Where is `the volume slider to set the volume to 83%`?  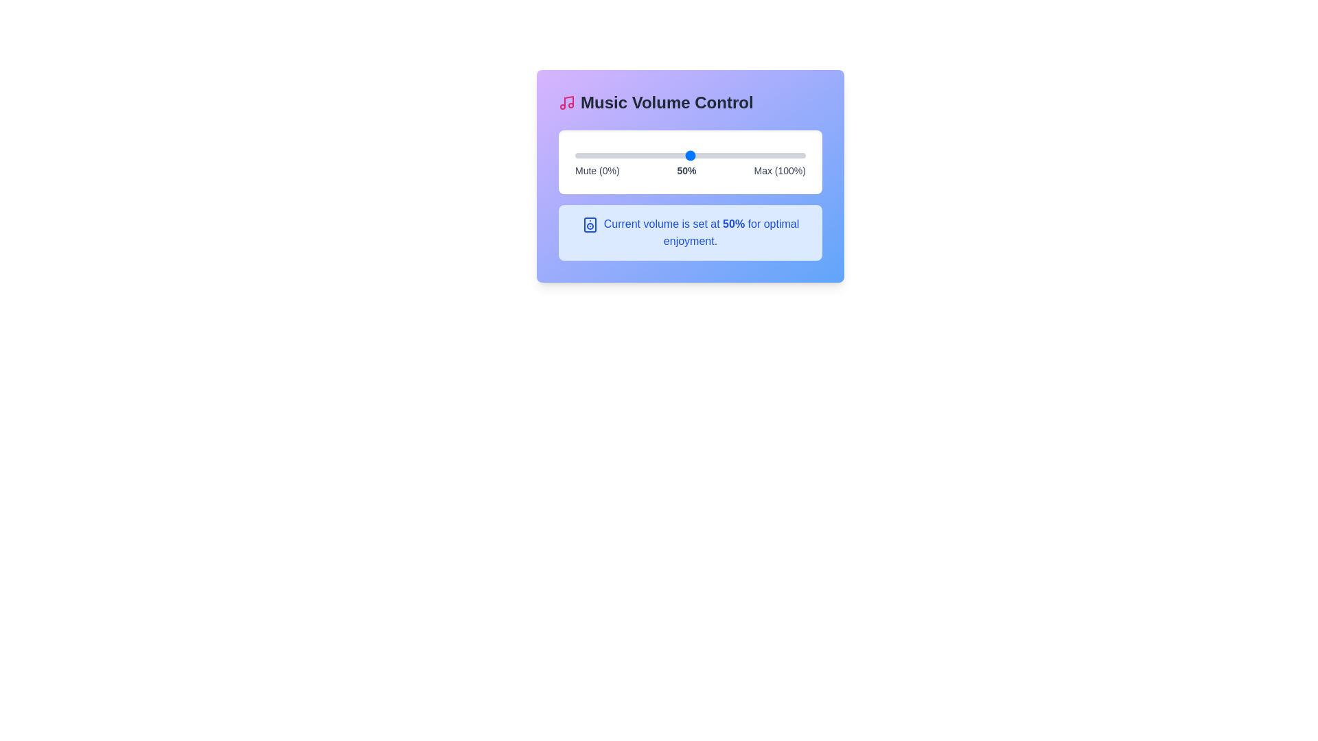 the volume slider to set the volume to 83% is located at coordinates (765, 155).